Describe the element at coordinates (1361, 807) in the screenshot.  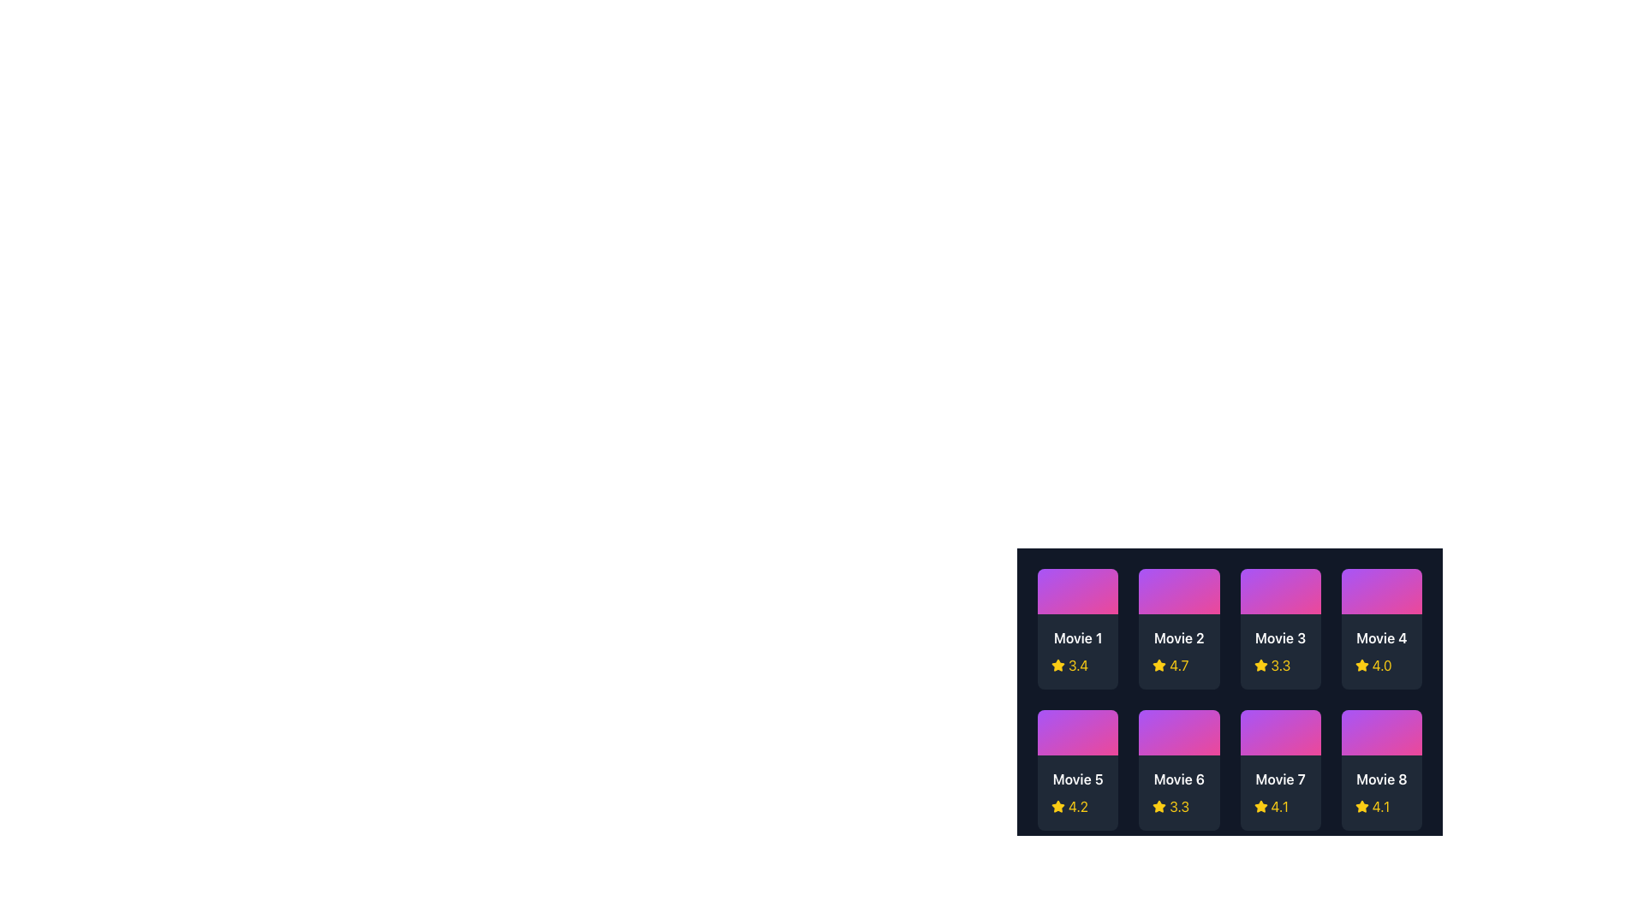
I see `the star icon representing the rating of 'Movie 8' located to the left of the text '4.1' and beneath the label 'Movie 8'` at that location.